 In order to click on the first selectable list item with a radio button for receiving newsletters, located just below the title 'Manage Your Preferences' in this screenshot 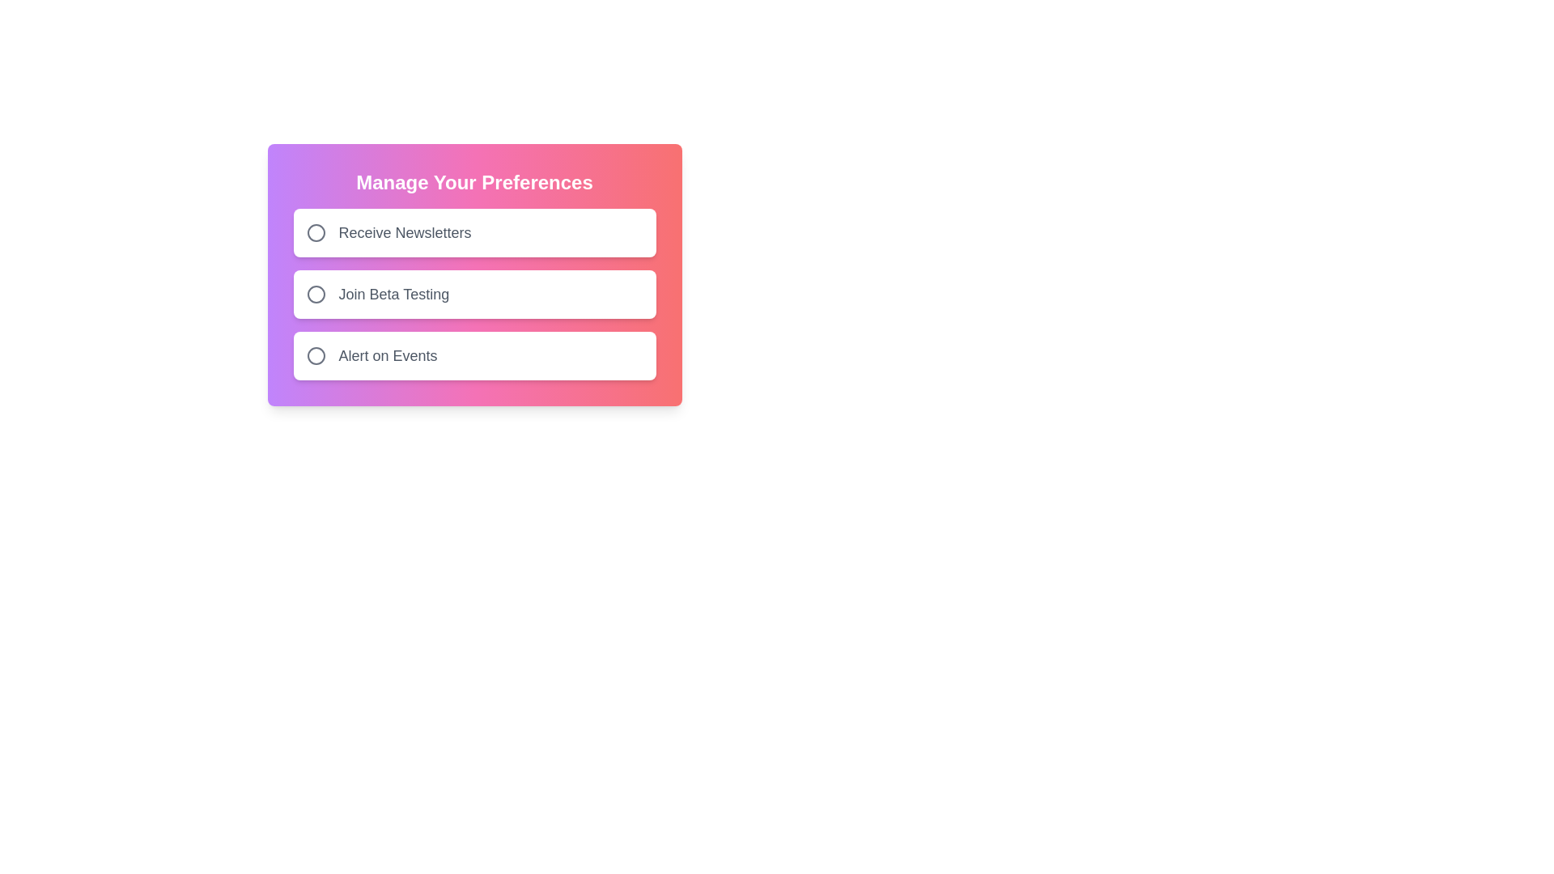, I will do `click(473, 233)`.